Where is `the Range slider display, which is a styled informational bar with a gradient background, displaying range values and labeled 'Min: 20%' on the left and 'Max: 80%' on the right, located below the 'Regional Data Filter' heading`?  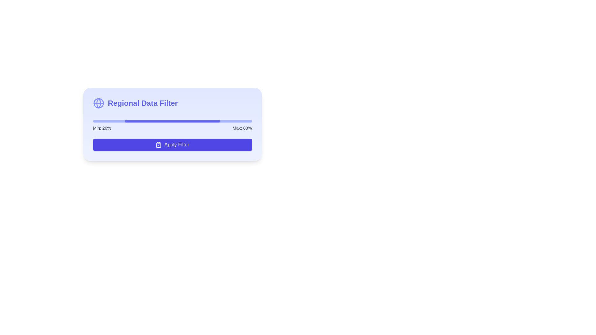 the Range slider display, which is a styled informational bar with a gradient background, displaying range values and labeled 'Min: 20%' on the left and 'Max: 80%' on the right, located below the 'Regional Data Filter' heading is located at coordinates (172, 123).